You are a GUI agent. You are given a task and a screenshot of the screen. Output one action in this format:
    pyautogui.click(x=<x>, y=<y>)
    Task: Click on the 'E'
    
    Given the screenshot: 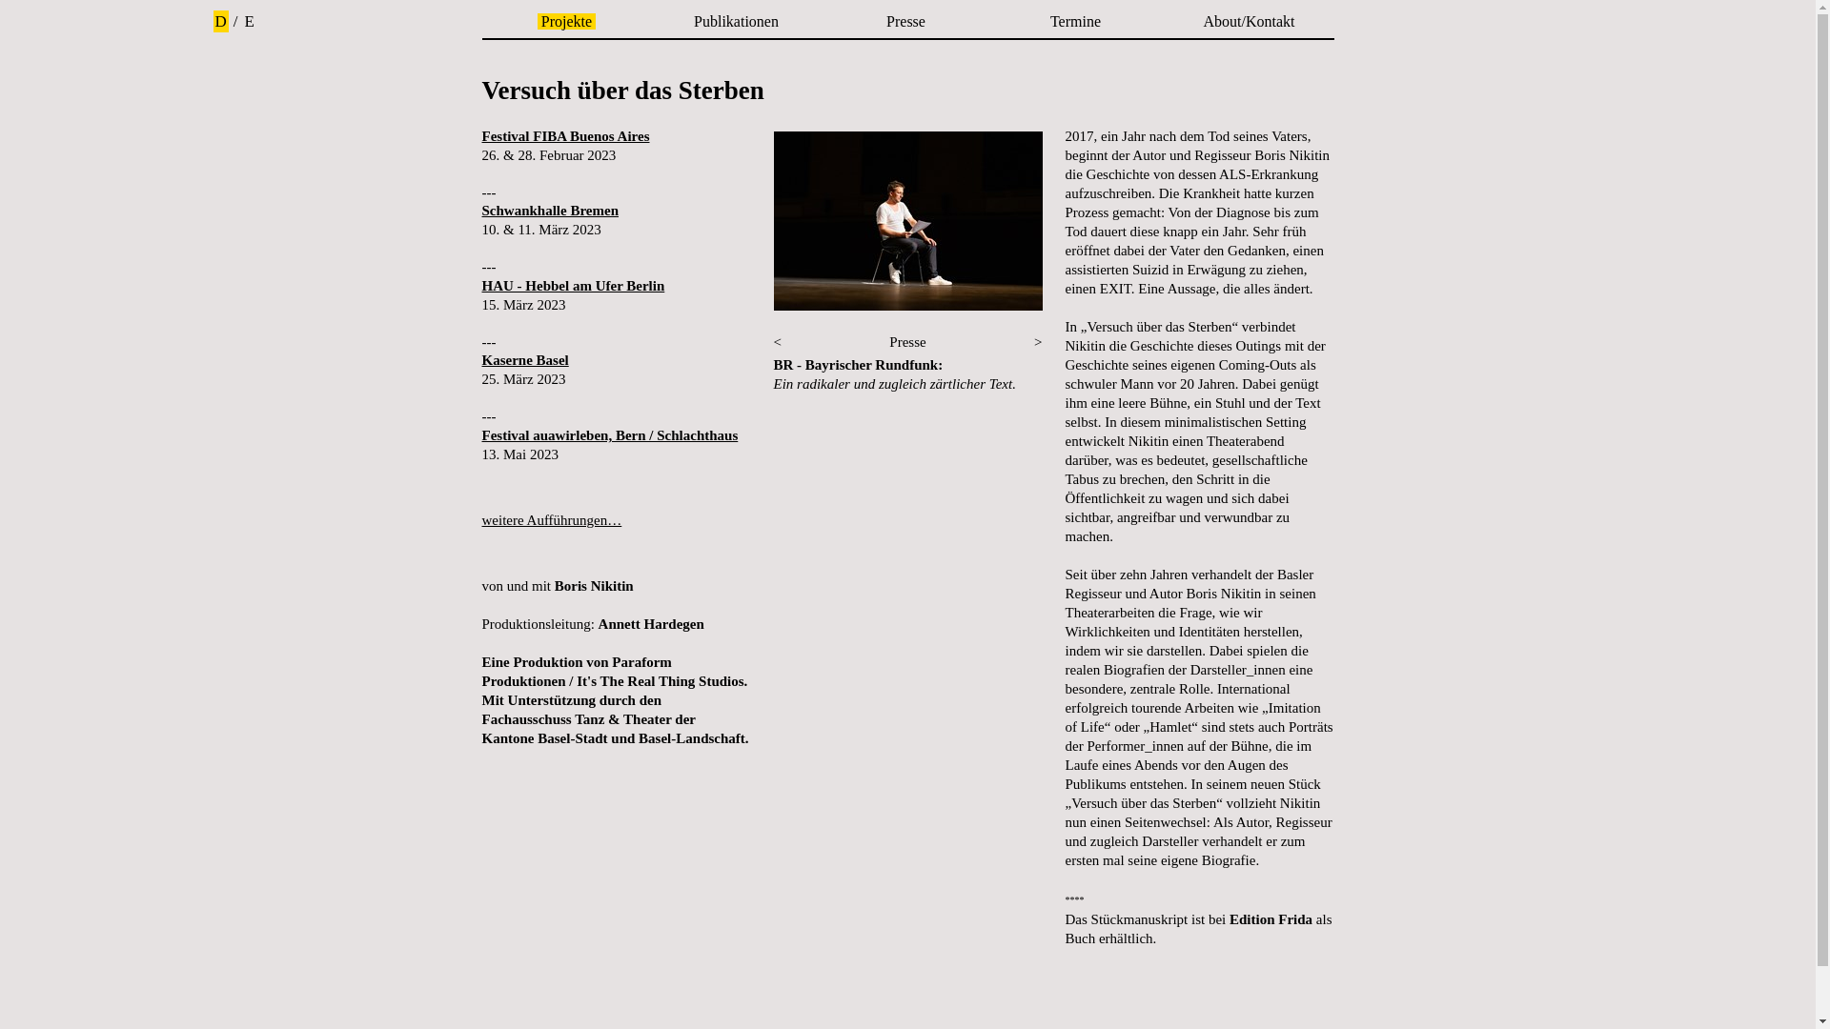 What is the action you would take?
    pyautogui.click(x=249, y=21)
    